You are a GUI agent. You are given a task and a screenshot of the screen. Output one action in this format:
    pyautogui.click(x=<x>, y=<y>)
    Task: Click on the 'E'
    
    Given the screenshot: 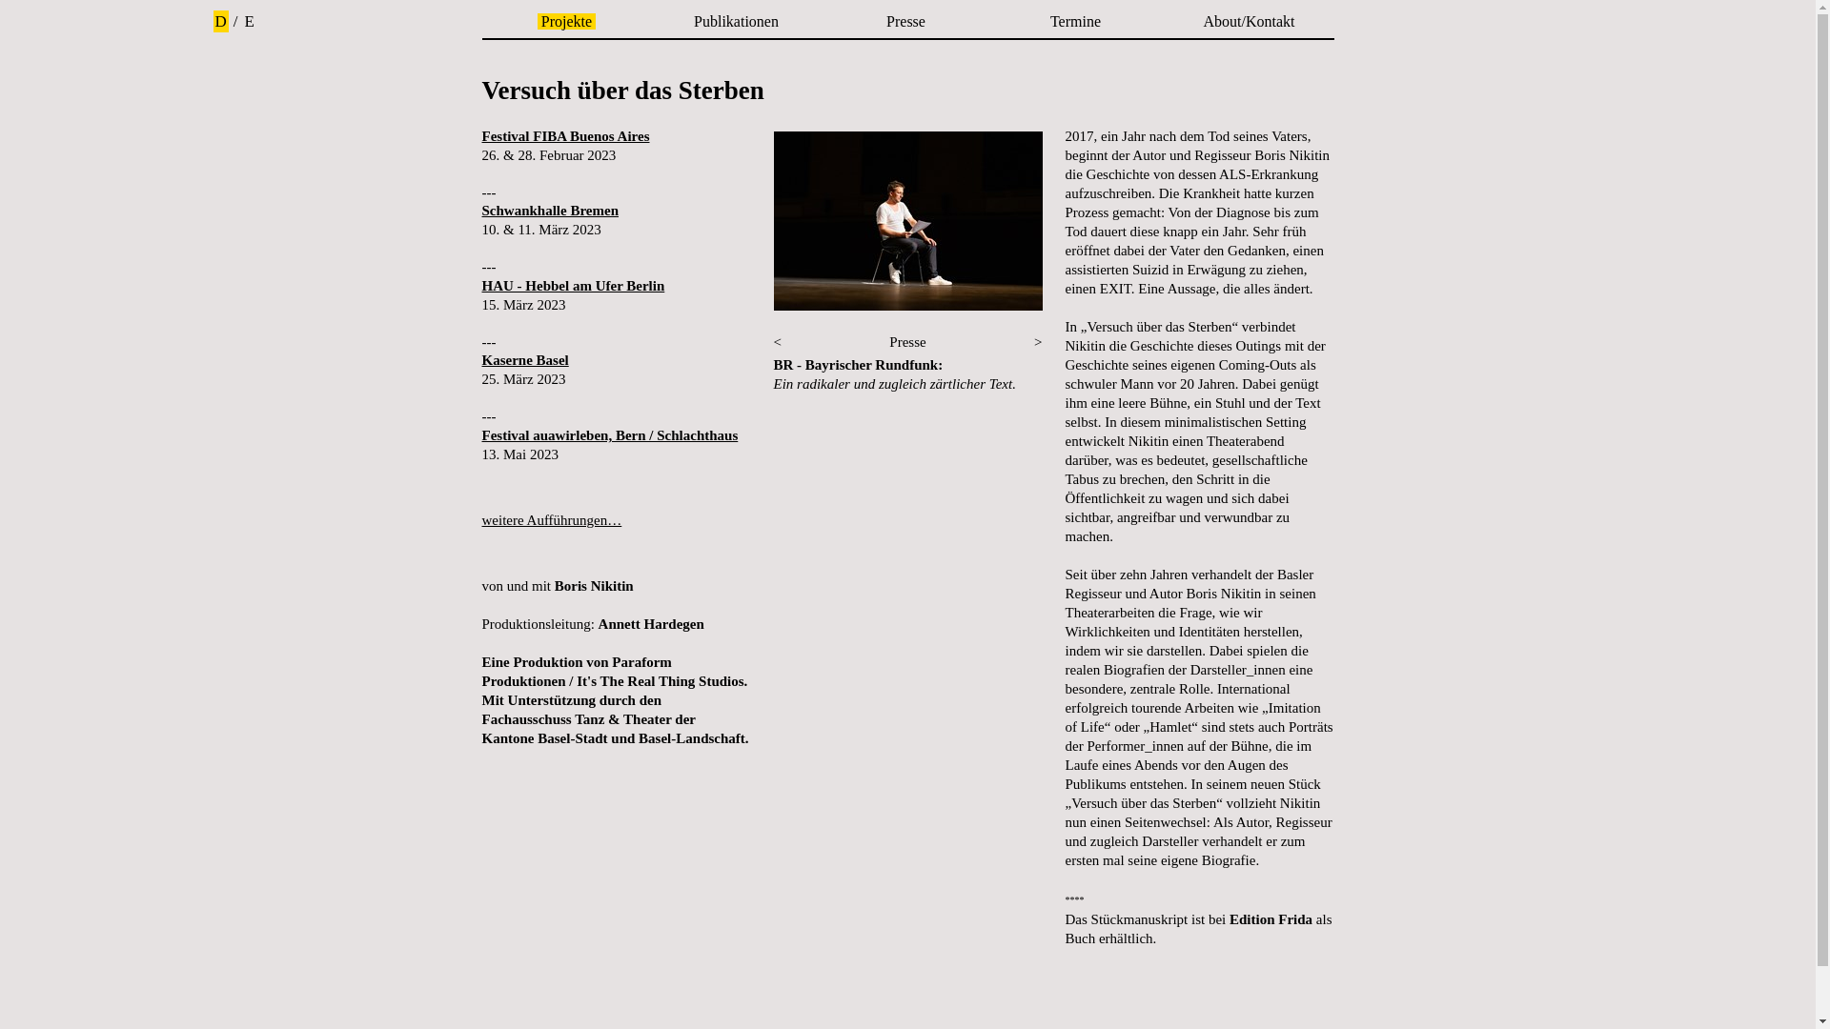 What is the action you would take?
    pyautogui.click(x=249, y=21)
    